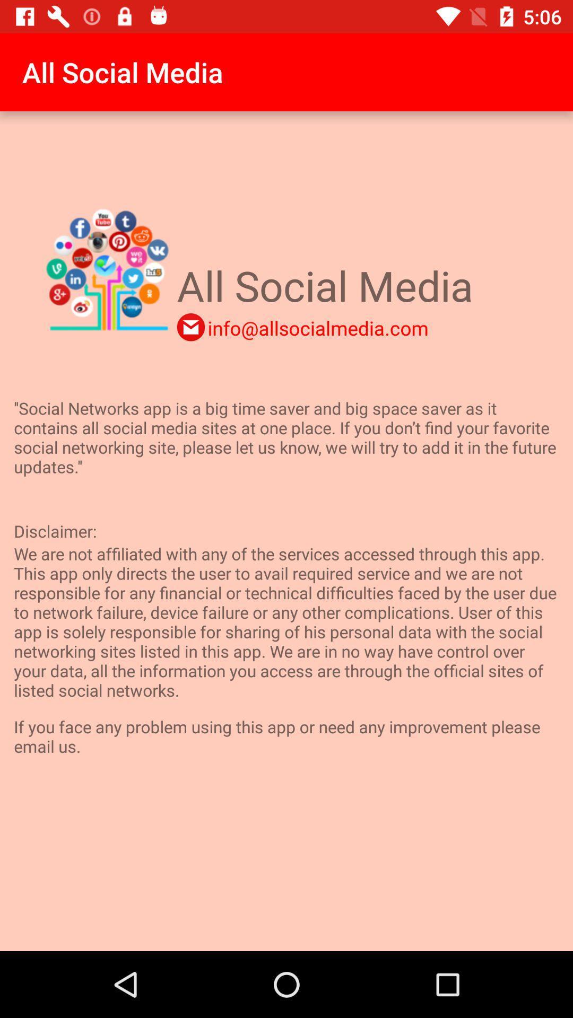 This screenshot has width=573, height=1018. I want to click on send an email, so click(190, 327).